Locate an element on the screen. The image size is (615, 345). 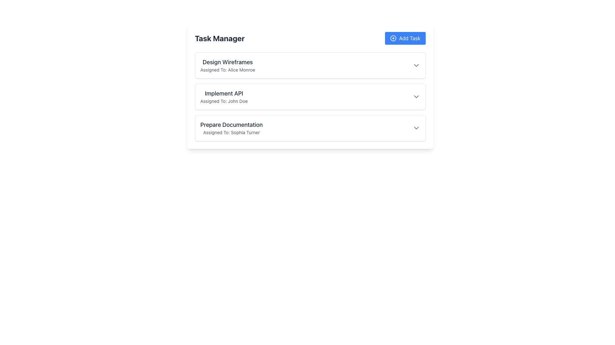
the downwards-pointing chevron icon of the Dropdown toggle button located in the 'Prepare Documentation' task card, aligned is located at coordinates (416, 128).